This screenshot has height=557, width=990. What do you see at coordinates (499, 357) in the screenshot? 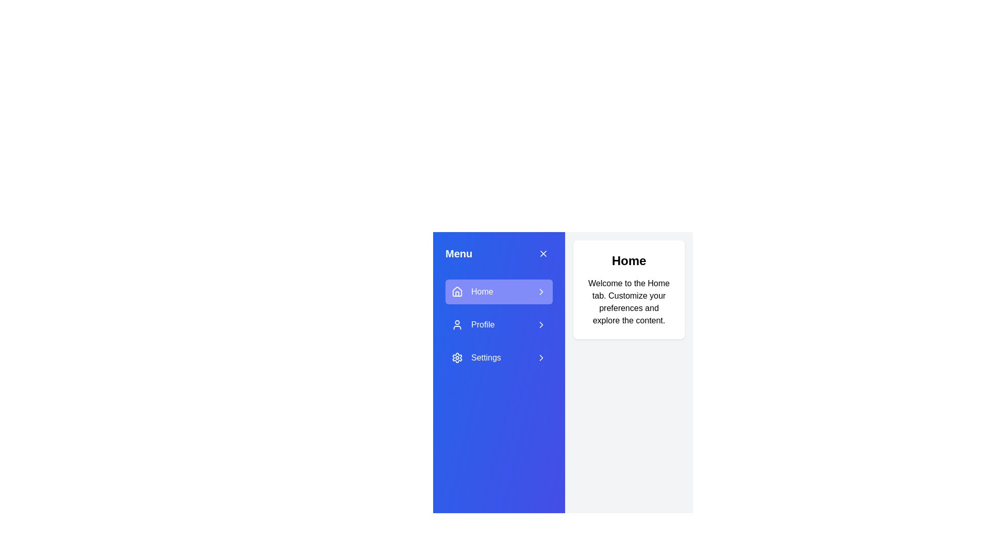
I see `the navigation button located in the sidebar menu, which is the third item below 'Home' and 'Profile'` at bounding box center [499, 357].